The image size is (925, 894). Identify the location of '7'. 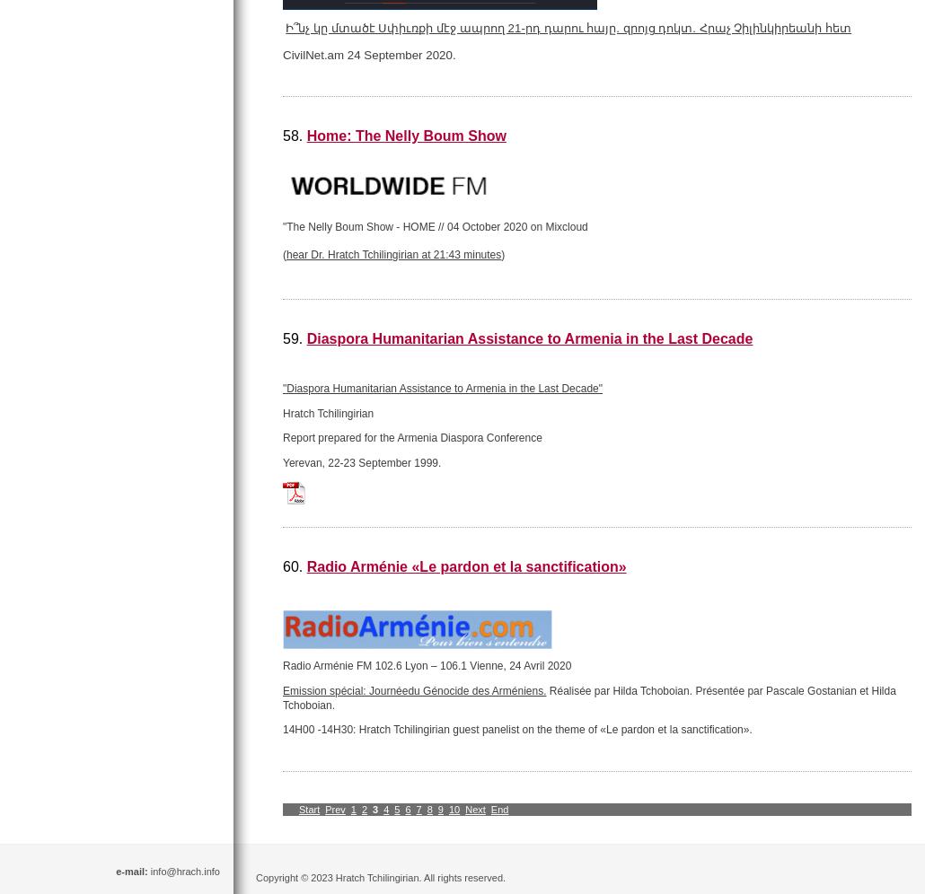
(417, 807).